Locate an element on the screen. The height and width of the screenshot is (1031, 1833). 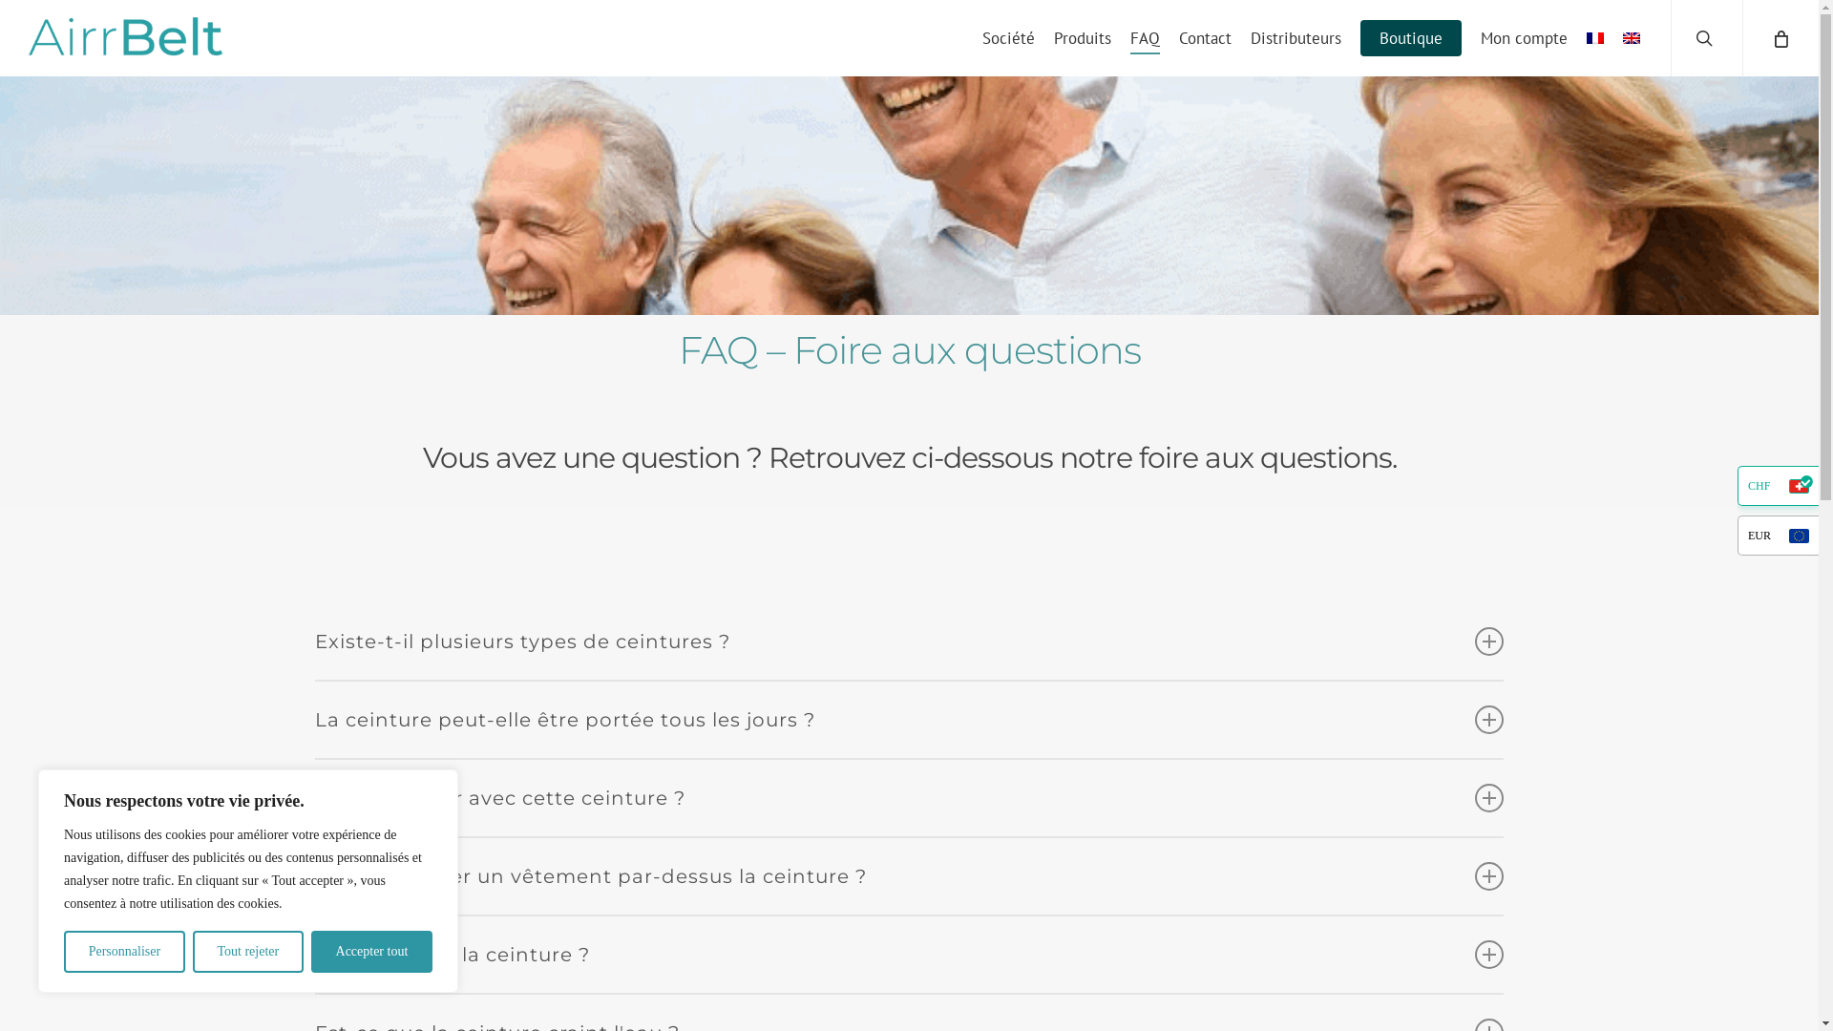
'Distributeurs' is located at coordinates (1296, 37).